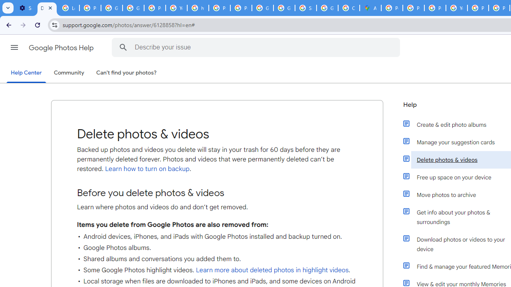 Image resolution: width=511 pixels, height=287 pixels. What do you see at coordinates (111, 8) in the screenshot?
I see `'Google Account Help'` at bounding box center [111, 8].